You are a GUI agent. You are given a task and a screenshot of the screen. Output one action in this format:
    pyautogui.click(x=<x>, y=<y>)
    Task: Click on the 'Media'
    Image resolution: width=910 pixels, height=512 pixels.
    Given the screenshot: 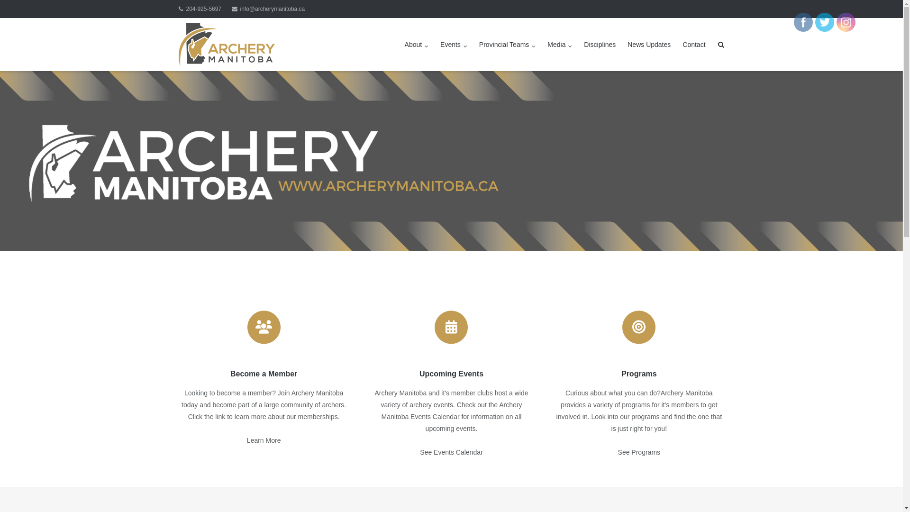 What is the action you would take?
    pyautogui.click(x=547, y=44)
    